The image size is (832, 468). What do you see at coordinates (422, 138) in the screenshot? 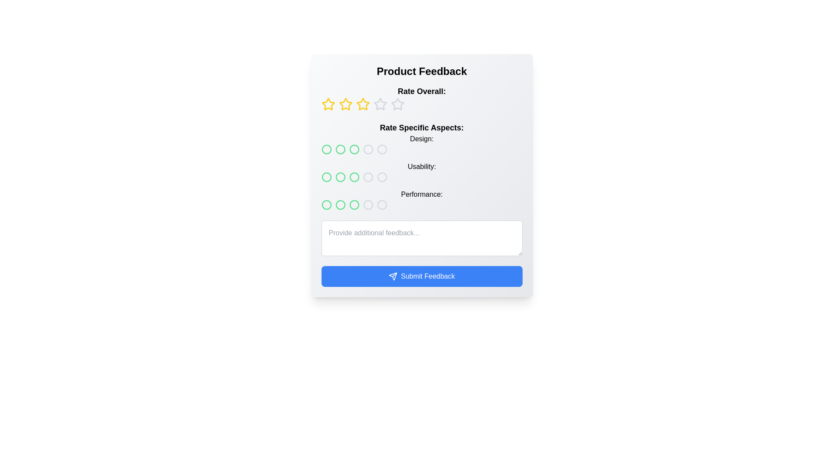
I see `the static text label that indicates the 'Design' aspect rating section, positioned below the 'Rate Specific Aspects' heading` at bounding box center [422, 138].